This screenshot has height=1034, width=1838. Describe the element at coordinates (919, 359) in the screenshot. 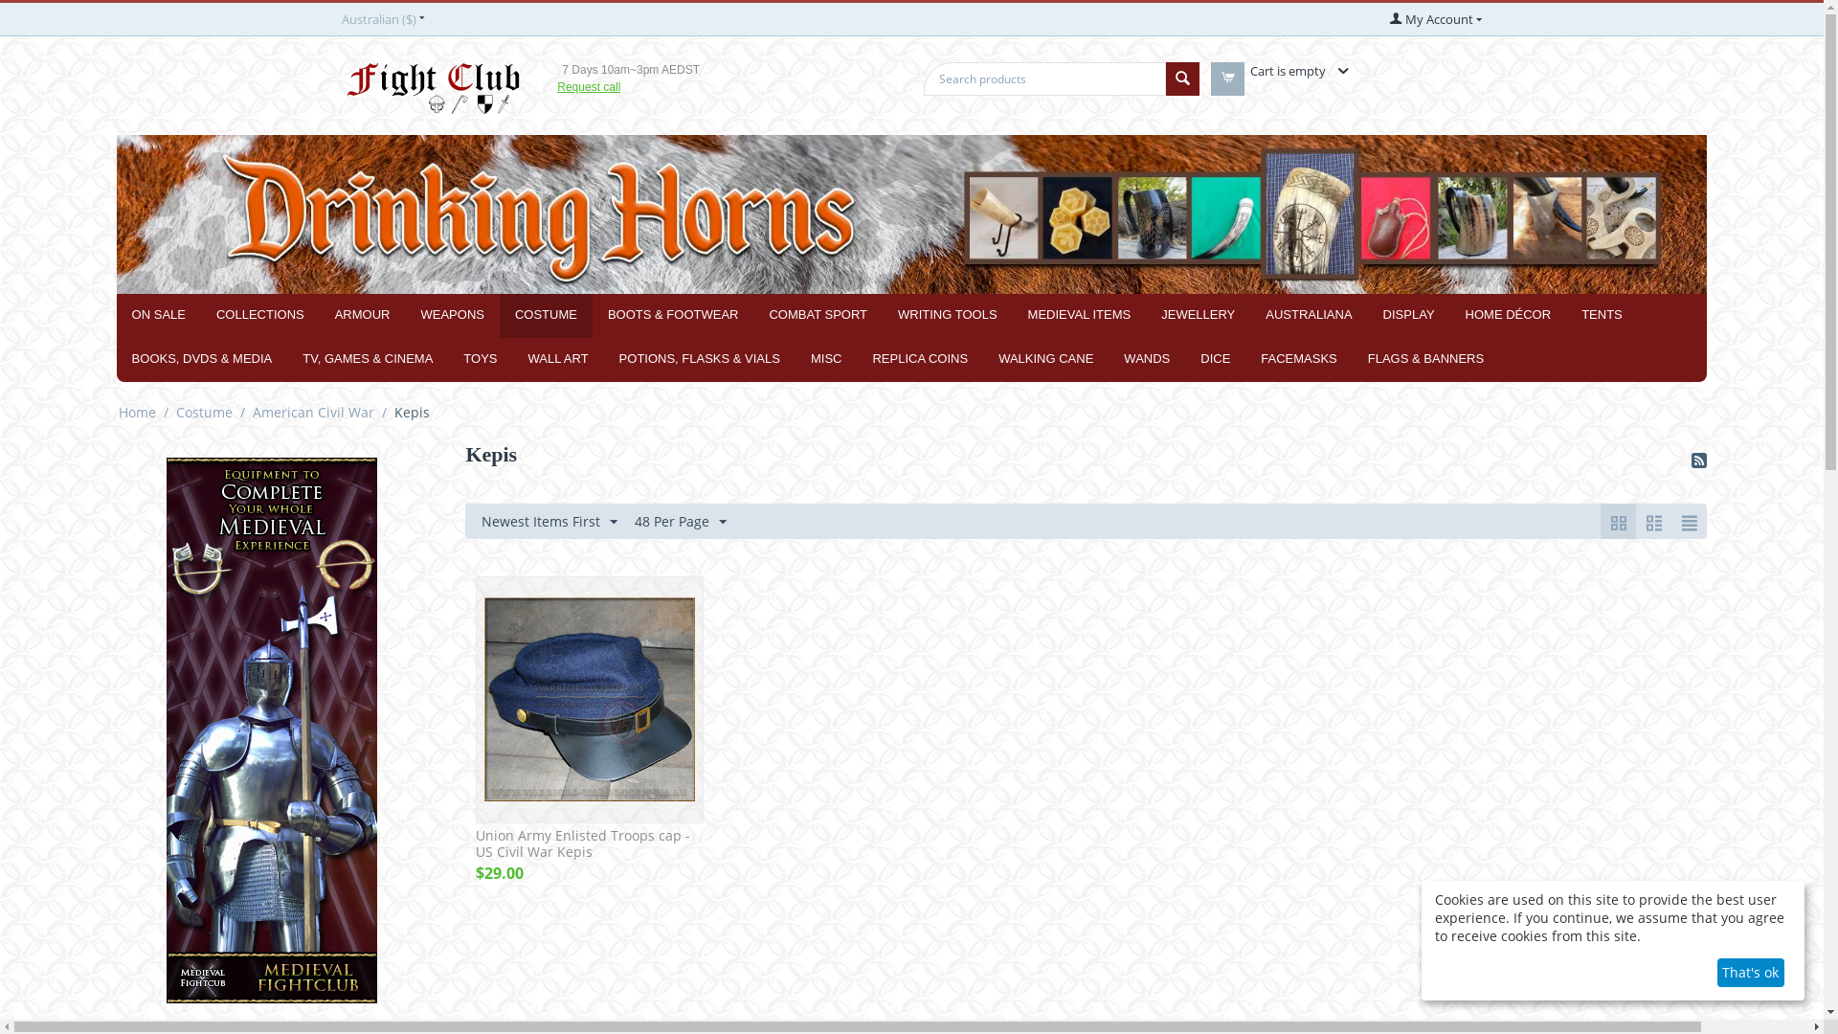

I see `'REPLICA COINS'` at that location.